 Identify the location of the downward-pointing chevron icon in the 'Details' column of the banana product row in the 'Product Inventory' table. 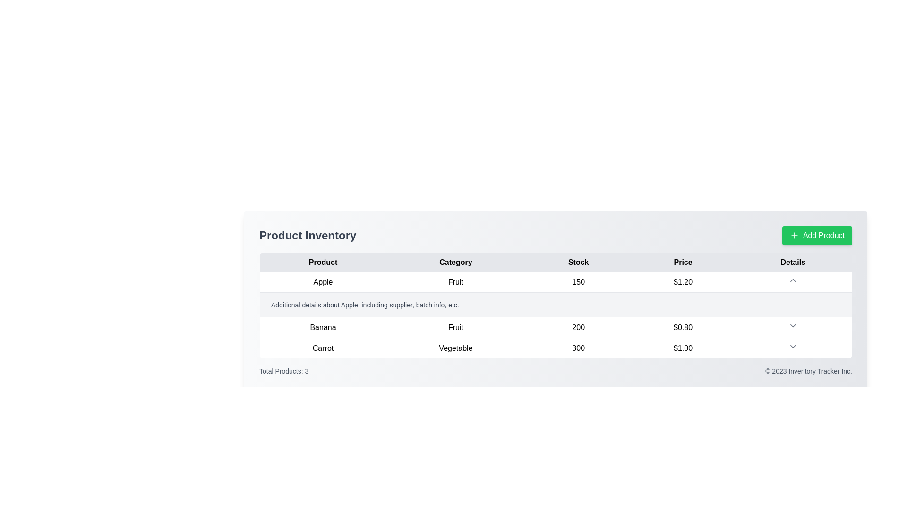
(793, 325).